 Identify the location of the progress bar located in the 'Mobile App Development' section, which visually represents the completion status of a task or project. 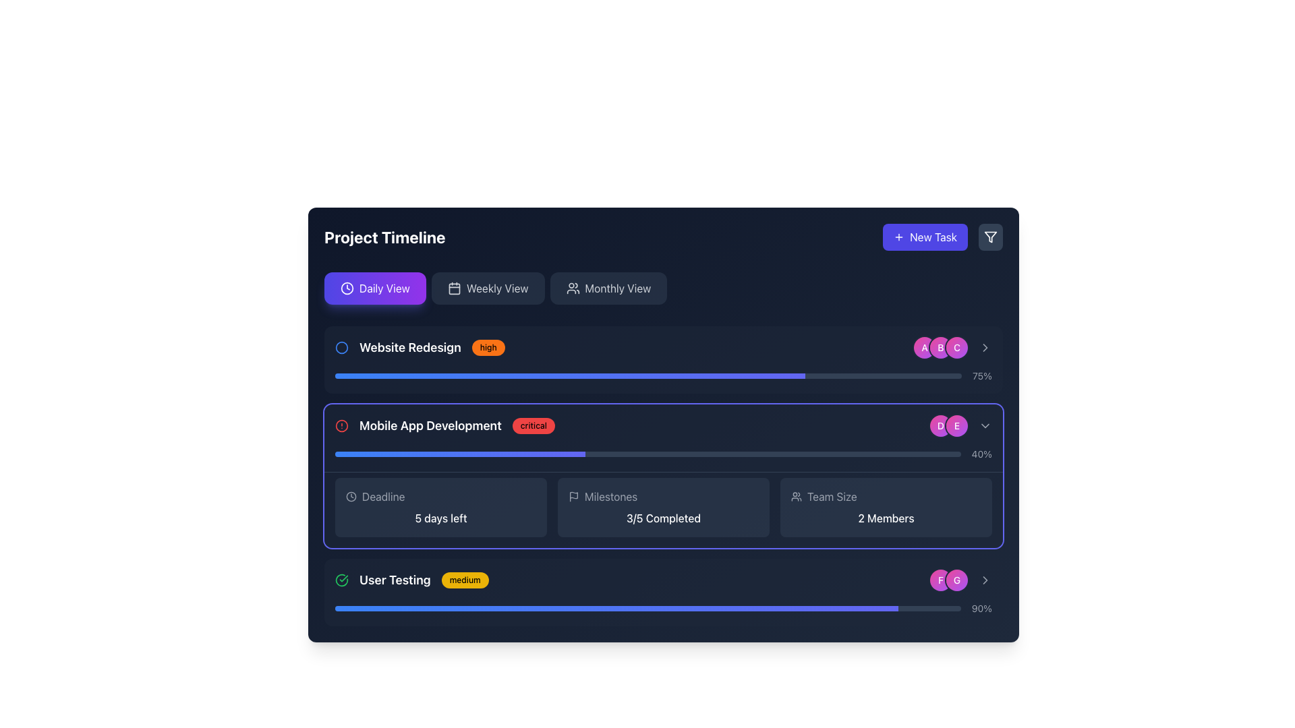
(647, 454).